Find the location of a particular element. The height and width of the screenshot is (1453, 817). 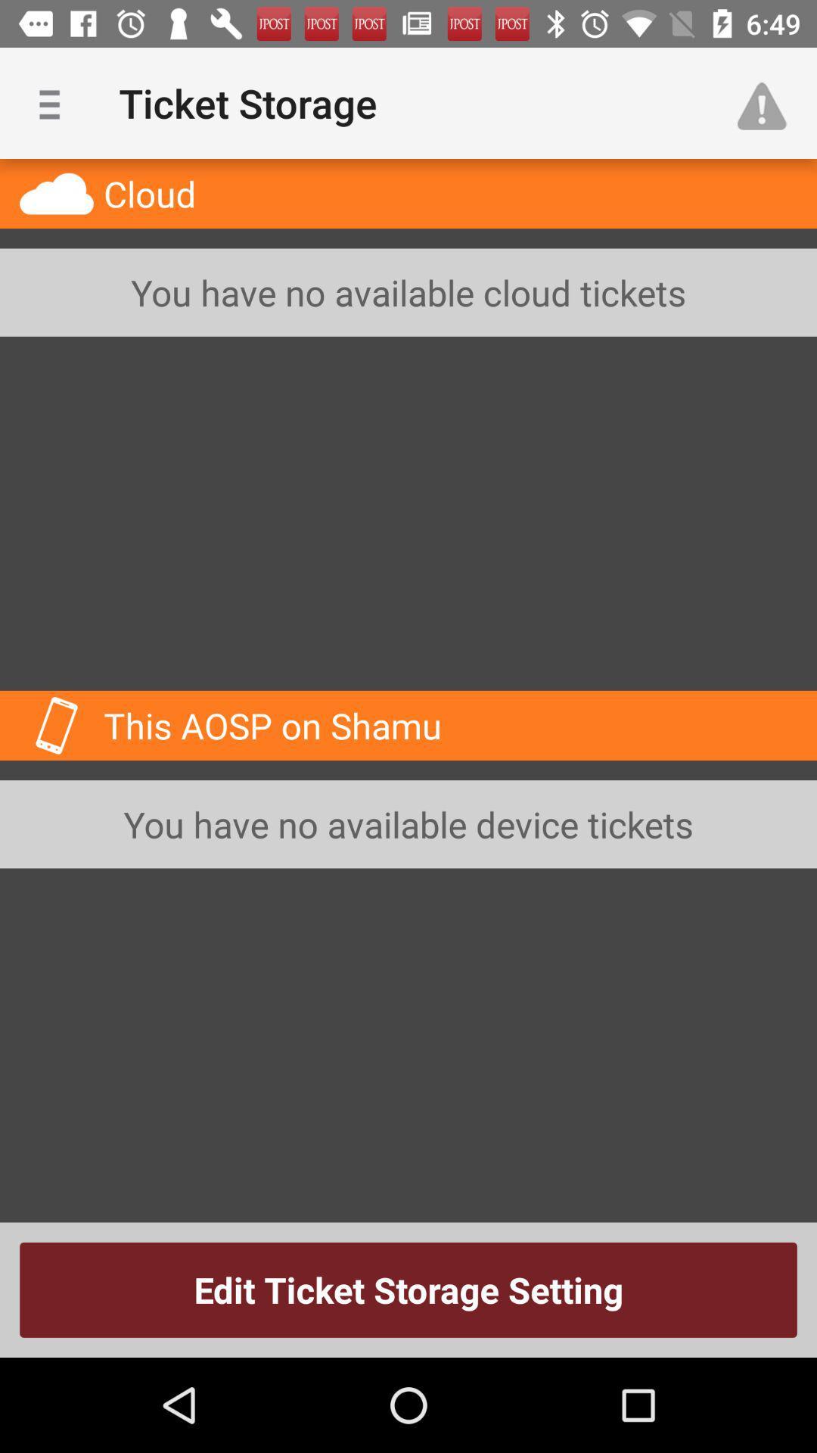

item to the left of ticket storage app is located at coordinates (54, 102).